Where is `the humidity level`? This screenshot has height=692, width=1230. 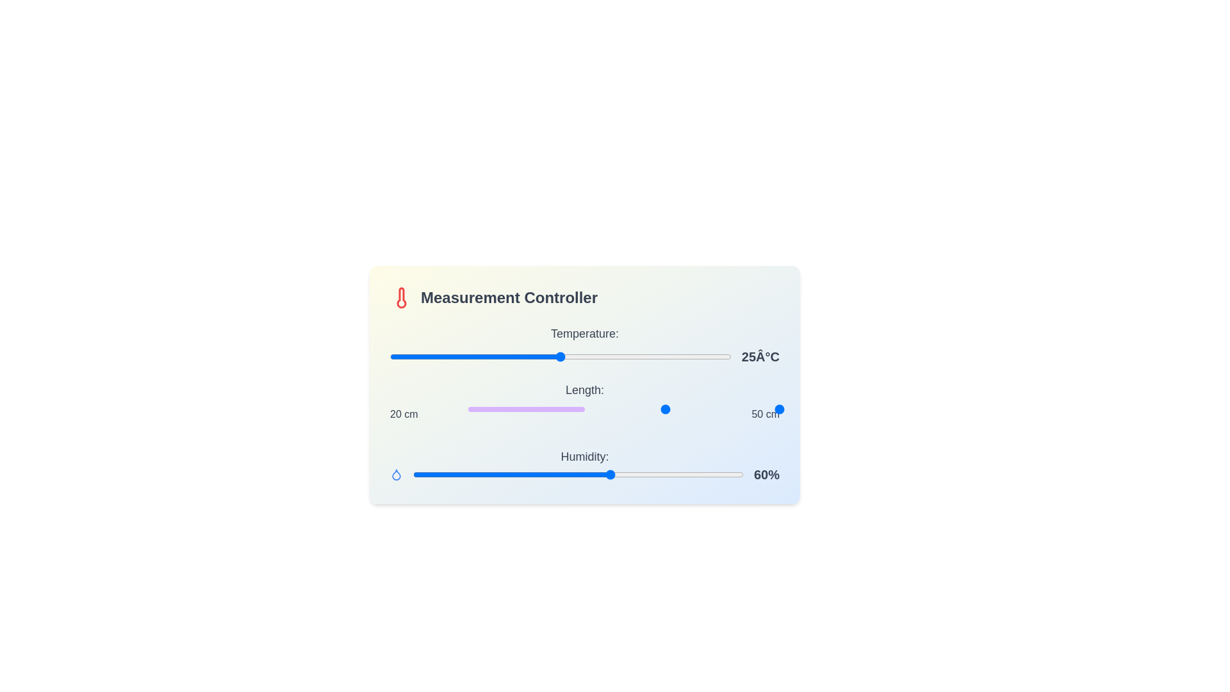 the humidity level is located at coordinates (604, 474).